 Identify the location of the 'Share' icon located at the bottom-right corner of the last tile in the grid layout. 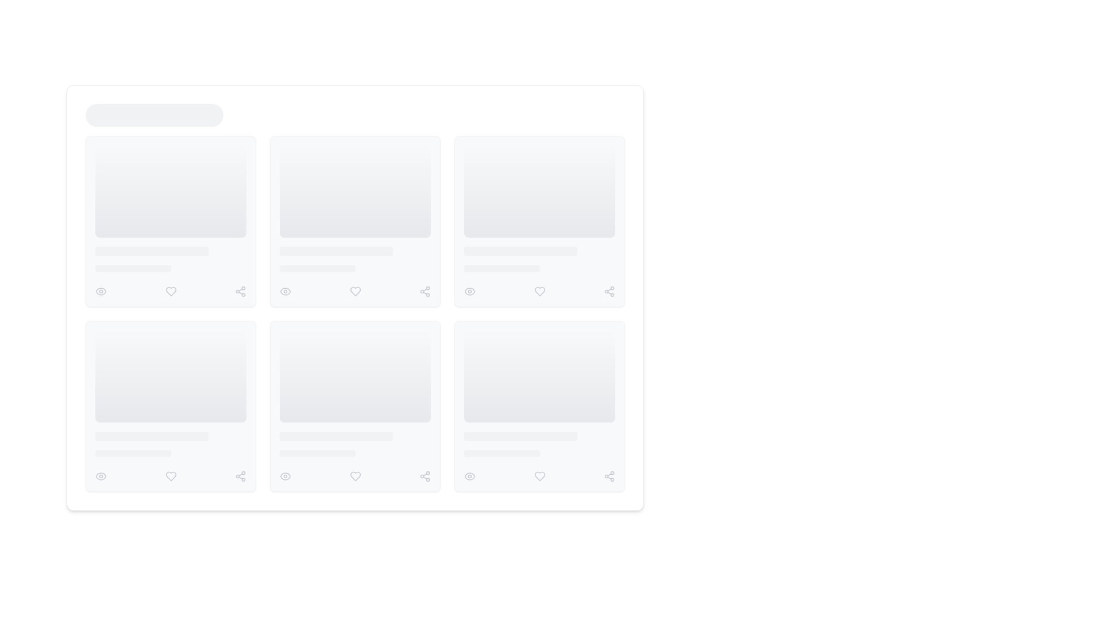
(608, 476).